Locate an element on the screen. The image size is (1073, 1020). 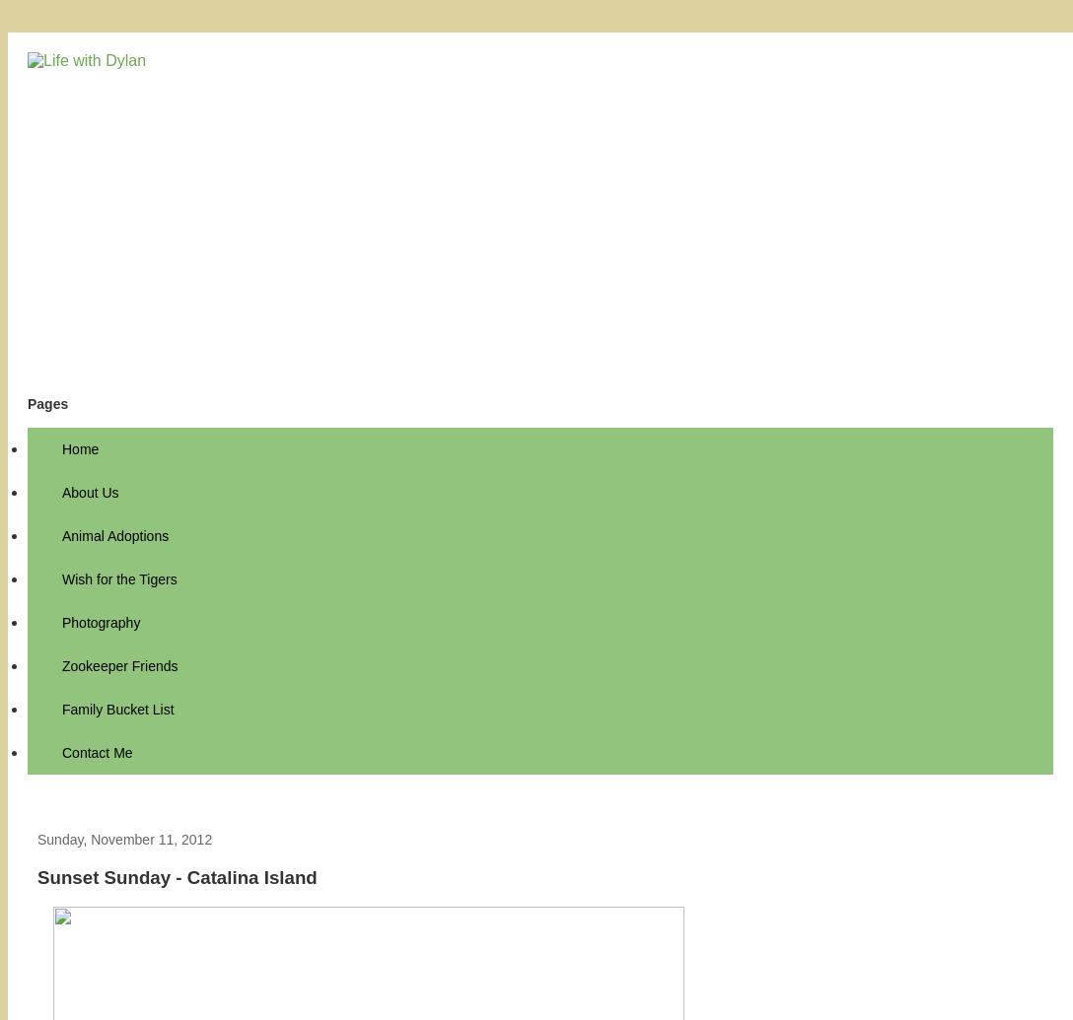
'Wish for the Tigers' is located at coordinates (118, 578).